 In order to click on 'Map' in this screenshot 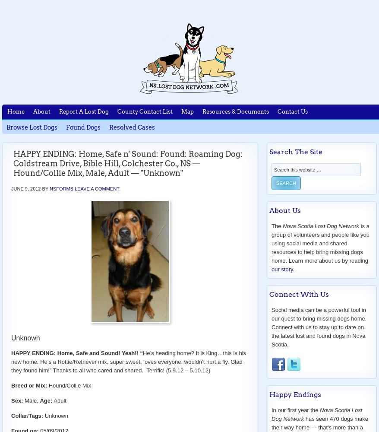, I will do `click(181, 111)`.